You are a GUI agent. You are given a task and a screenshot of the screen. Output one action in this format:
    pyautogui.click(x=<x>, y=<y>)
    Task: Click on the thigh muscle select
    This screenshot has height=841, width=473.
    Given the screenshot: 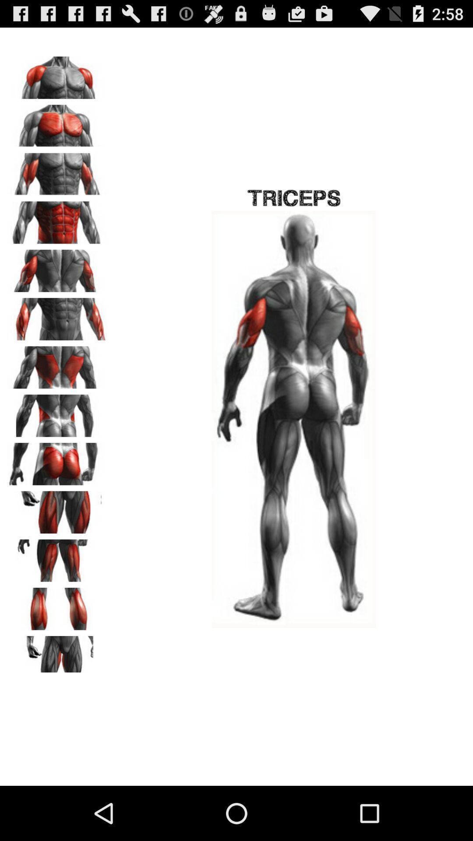 What is the action you would take?
    pyautogui.click(x=57, y=509)
    